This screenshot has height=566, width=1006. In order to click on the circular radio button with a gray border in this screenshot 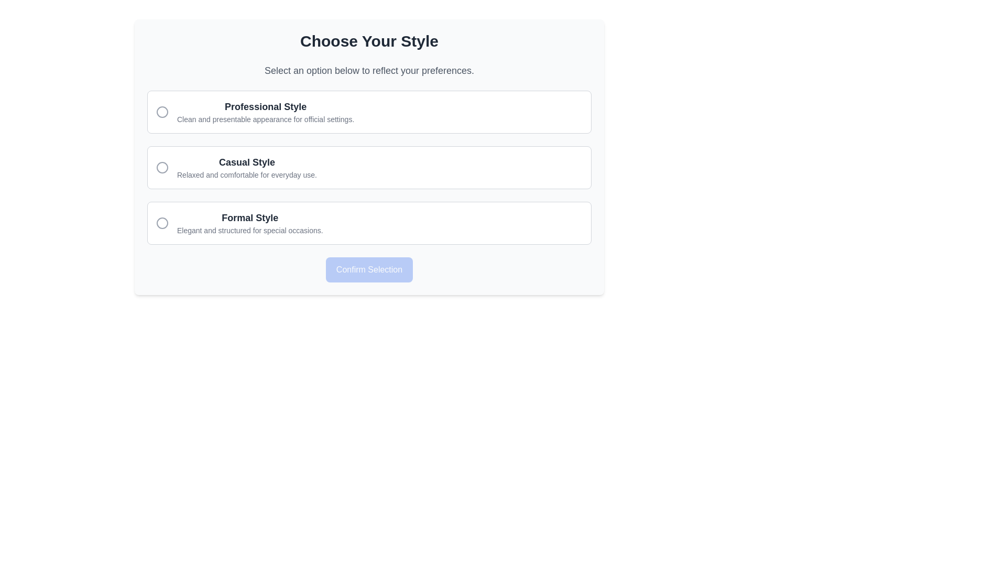, I will do `click(162, 167)`.